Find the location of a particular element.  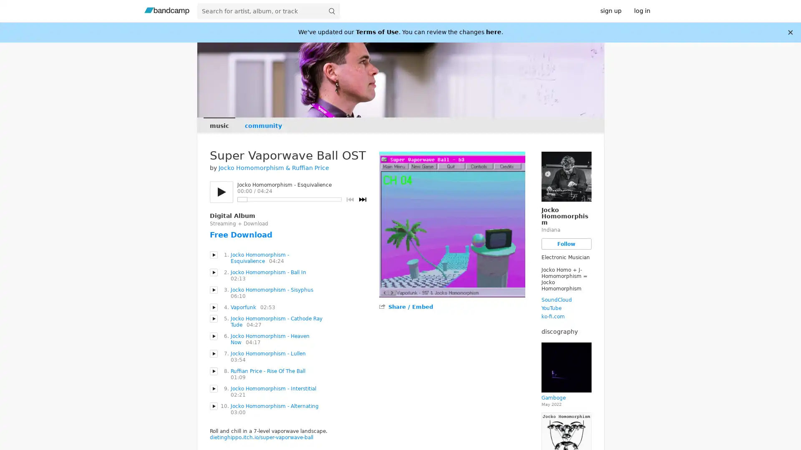

Play Jocko Homomorphism - Alternating is located at coordinates (213, 406).